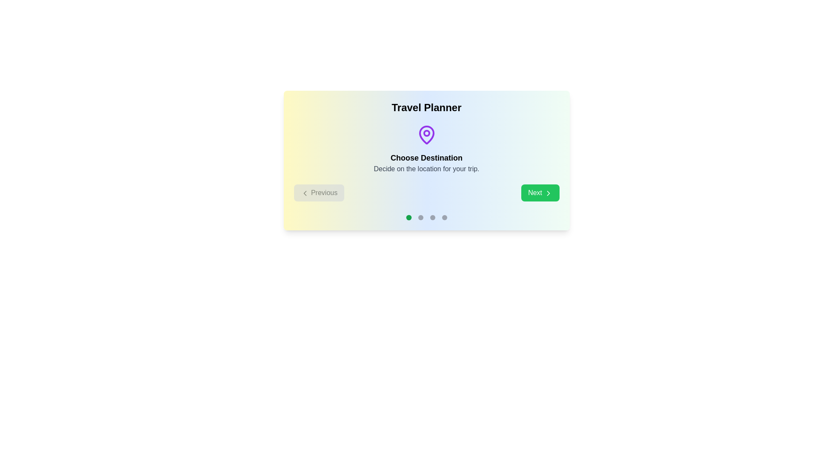 The width and height of the screenshot is (817, 460). I want to click on the rightward-pointing chevron icon within the green 'Next' button, so click(548, 193).